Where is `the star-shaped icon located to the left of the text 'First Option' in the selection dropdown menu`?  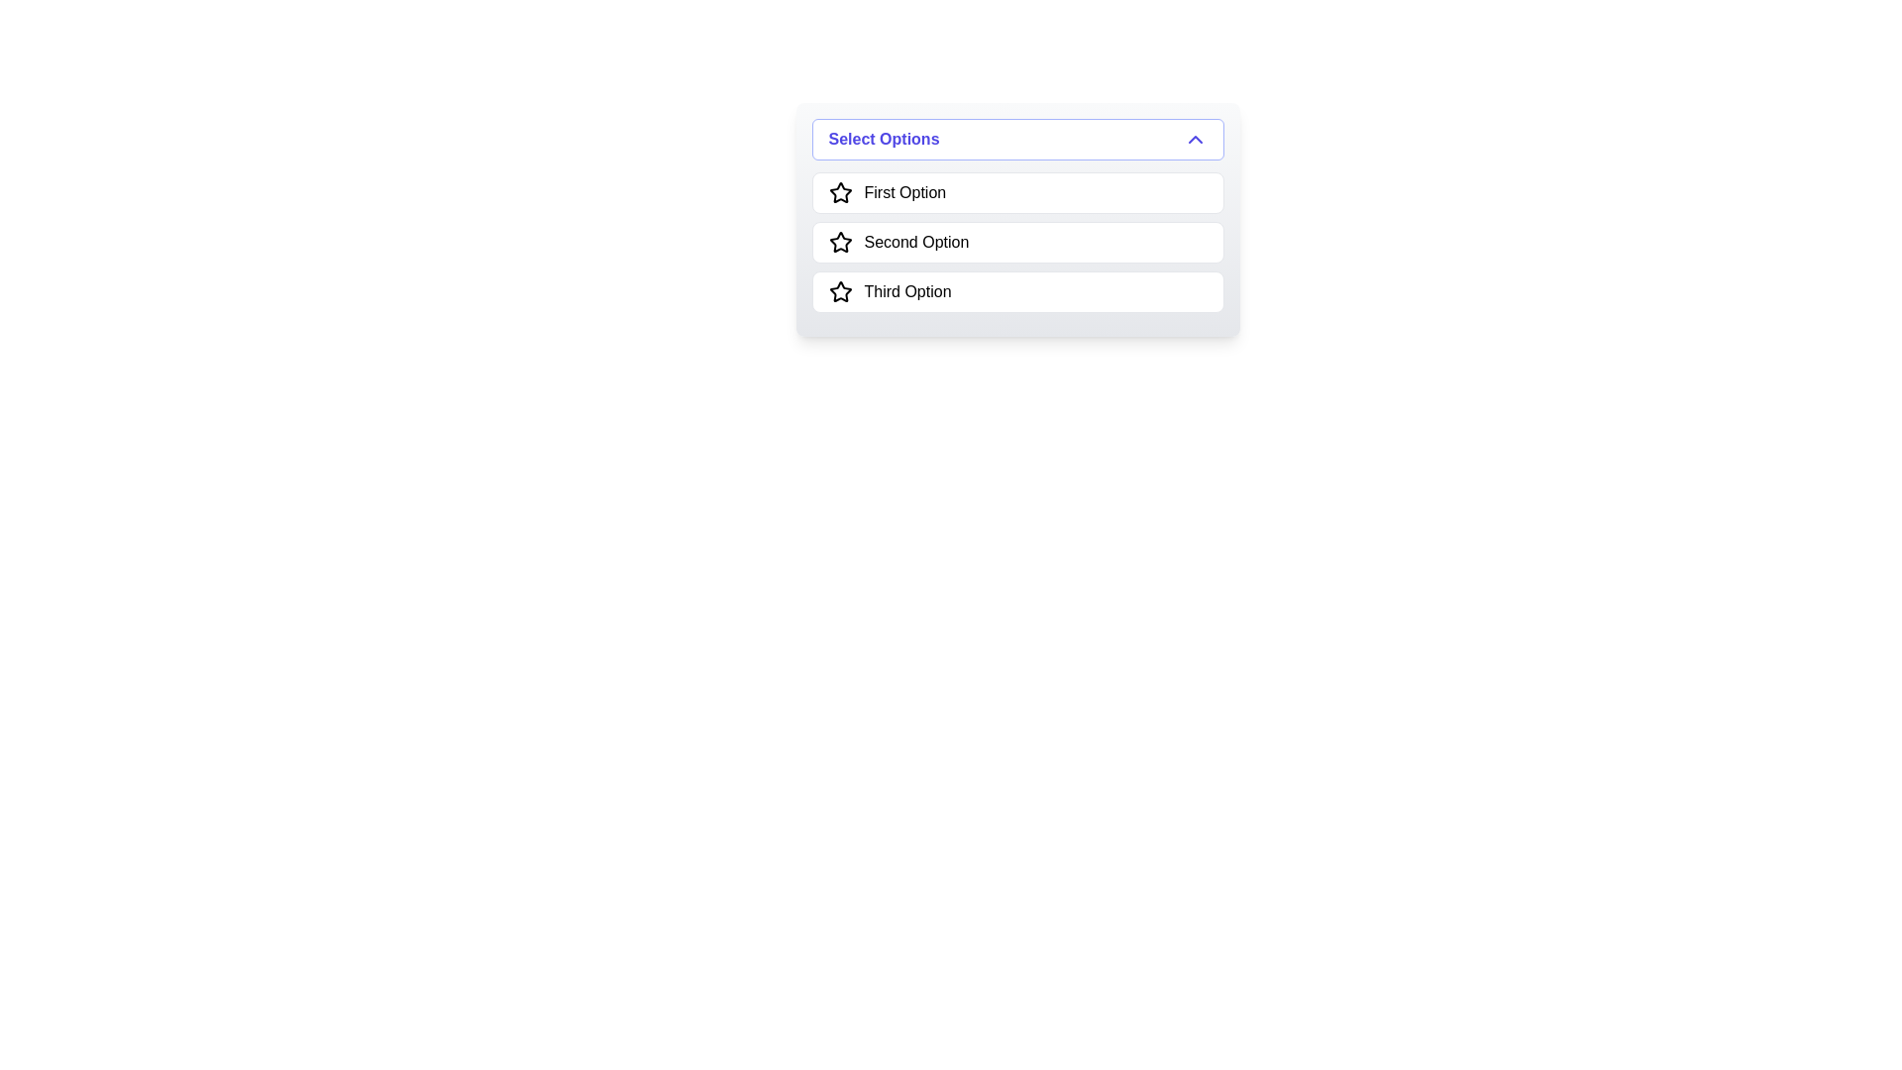 the star-shaped icon located to the left of the text 'First Option' in the selection dropdown menu is located at coordinates (840, 193).